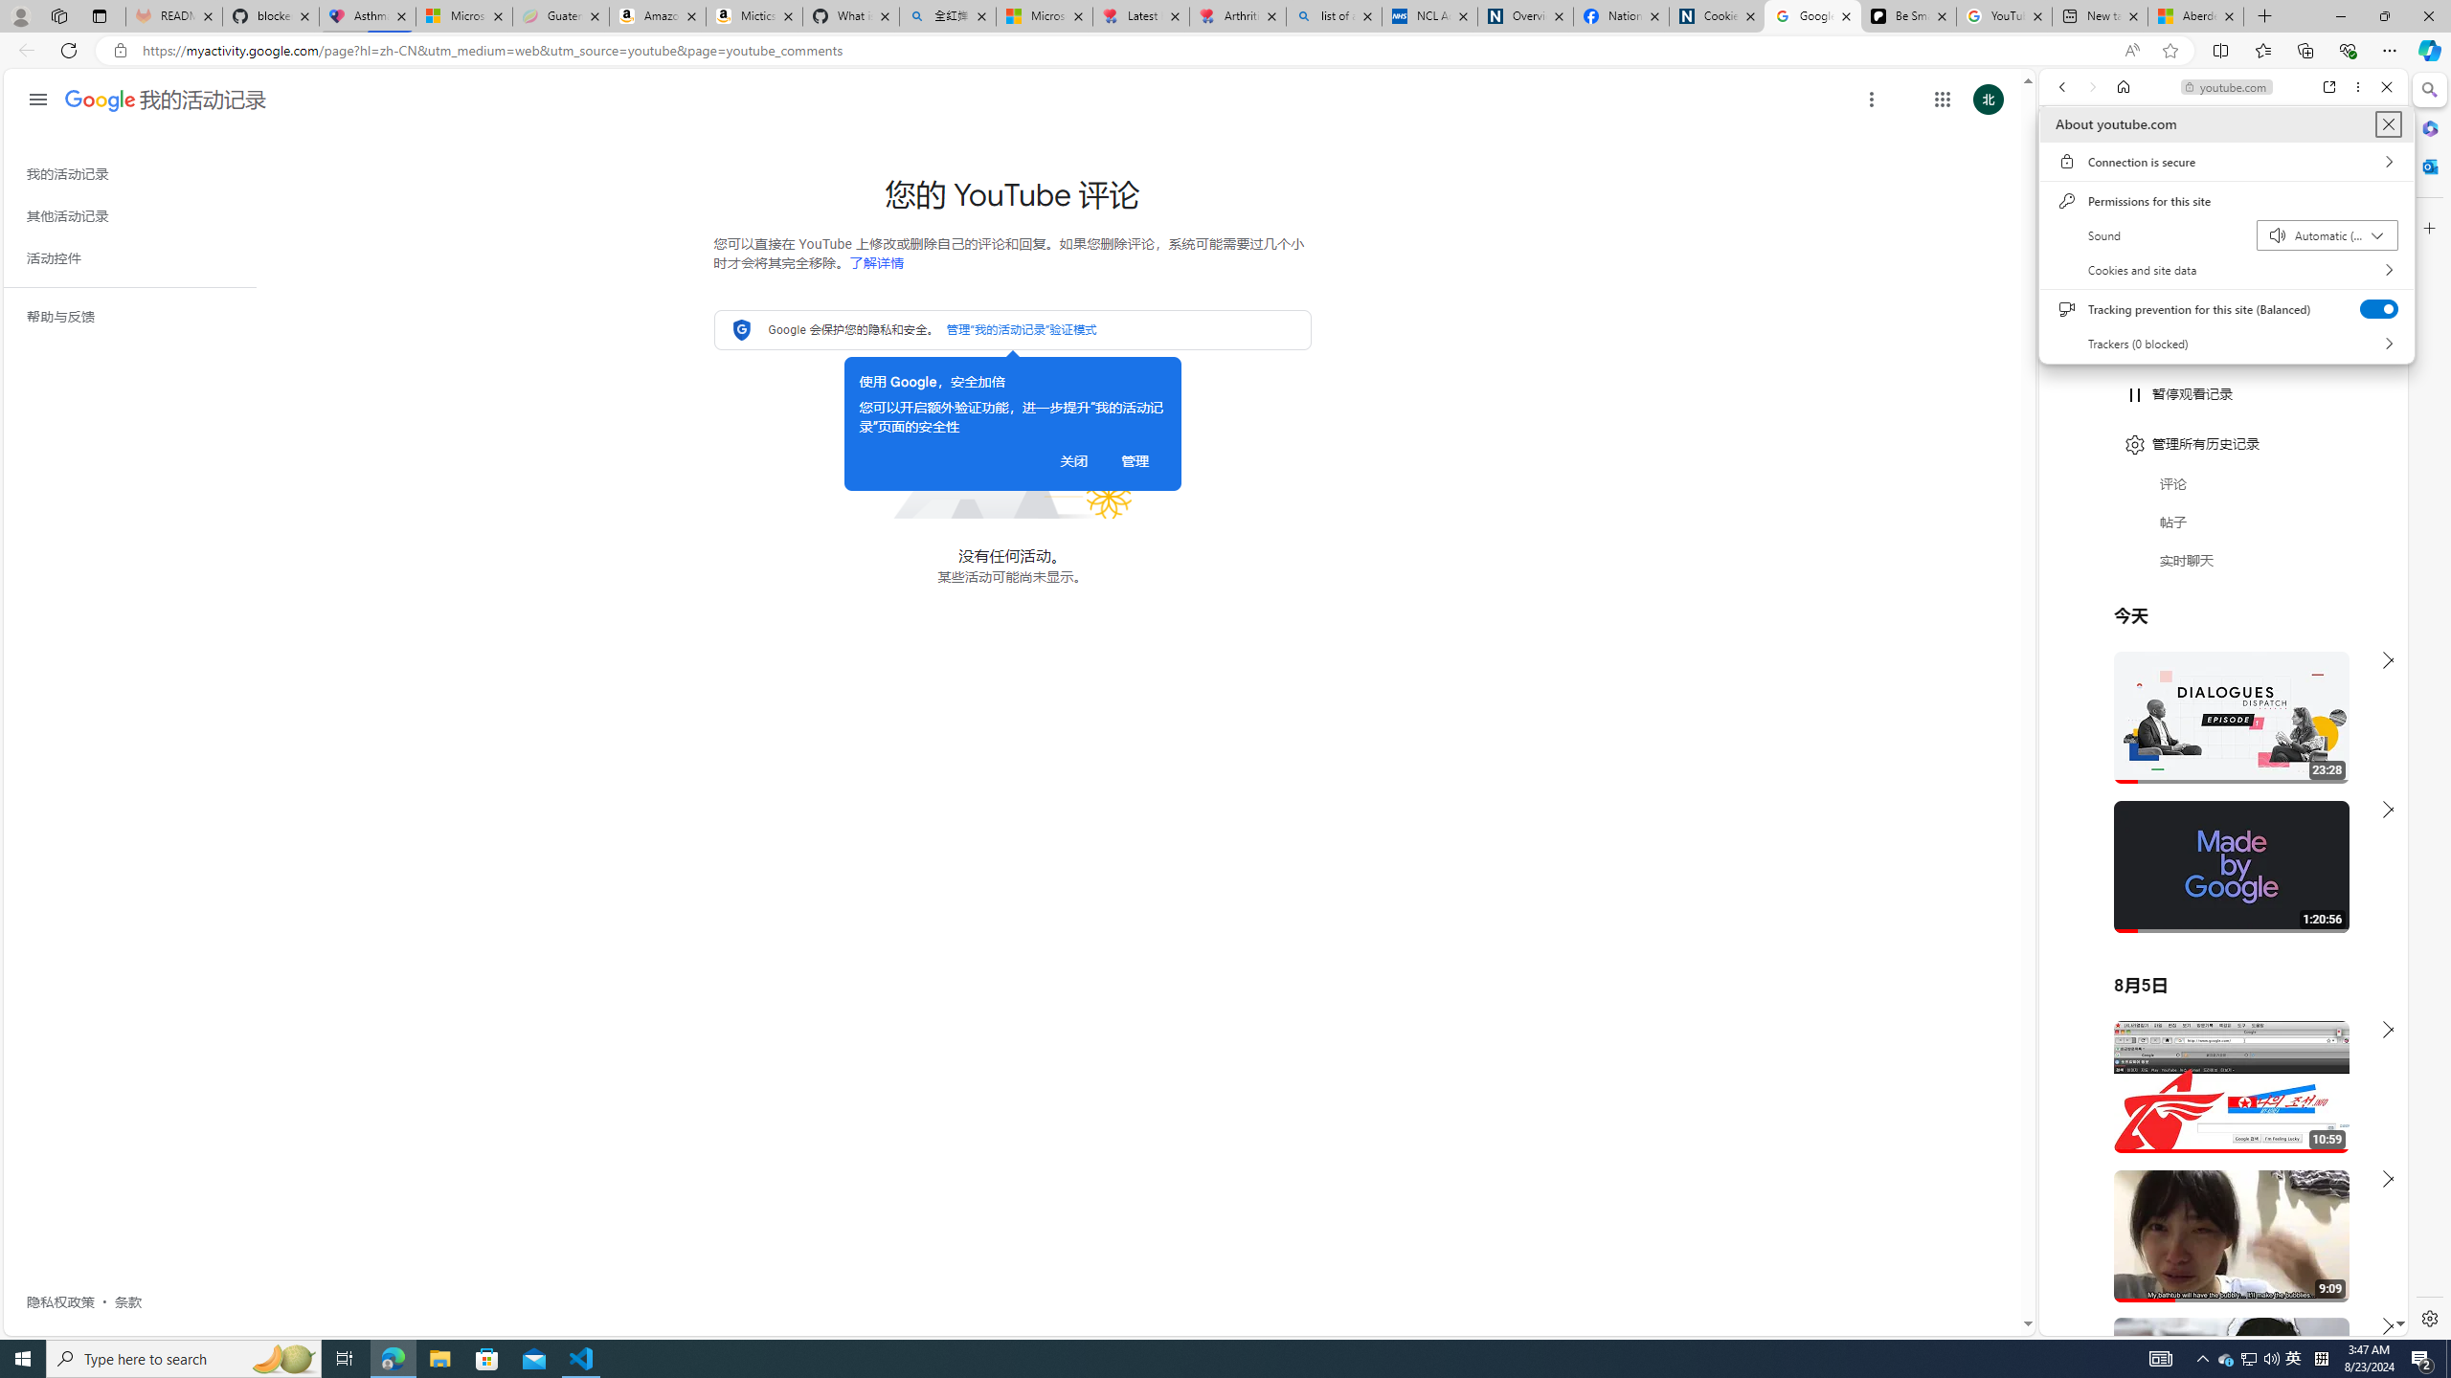 This screenshot has height=1378, width=2451. I want to click on 'Class: dict_pnIcon rms_img', so click(2209, 1320).